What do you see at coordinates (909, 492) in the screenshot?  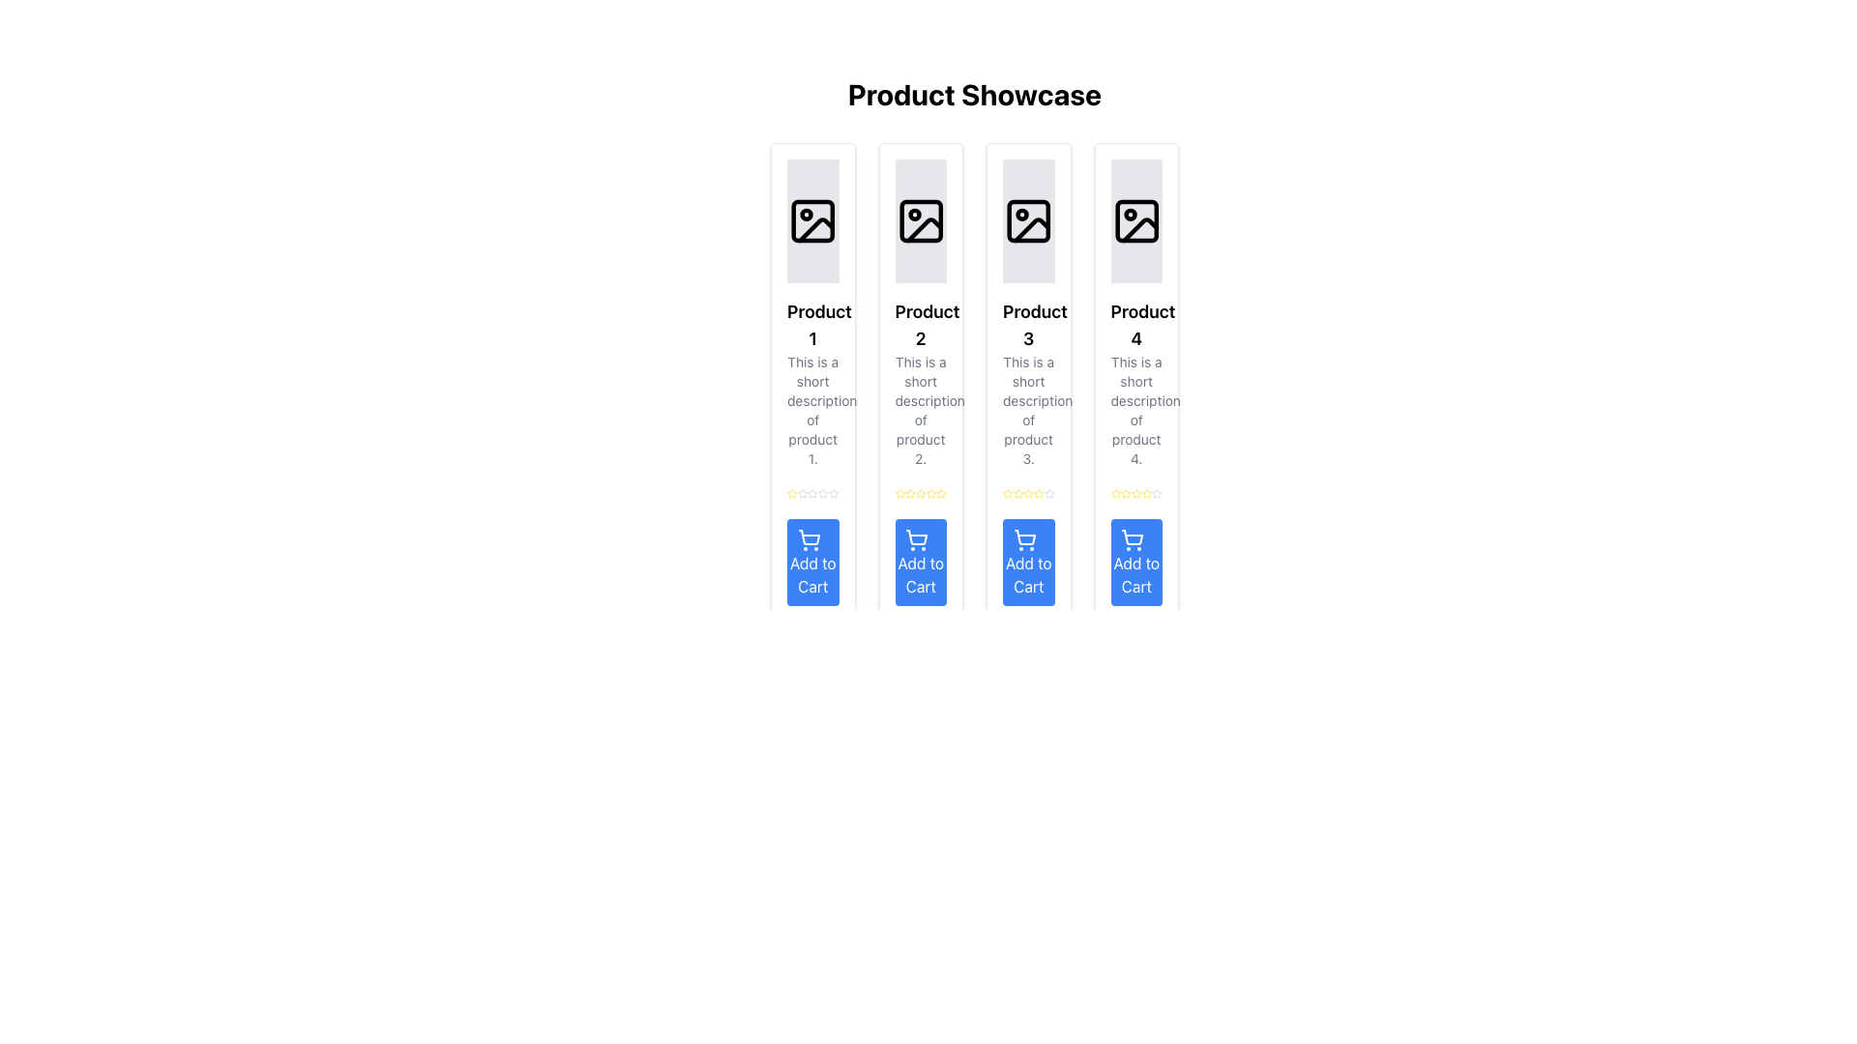 I see `the second rating star icon for Product 2, which is centrally located below the product description and above the 'Add to Cart' button in the product showcase grid` at bounding box center [909, 492].